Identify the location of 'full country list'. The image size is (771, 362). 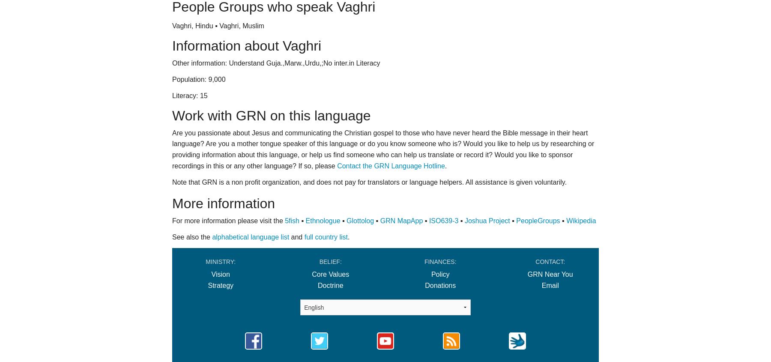
(303, 236).